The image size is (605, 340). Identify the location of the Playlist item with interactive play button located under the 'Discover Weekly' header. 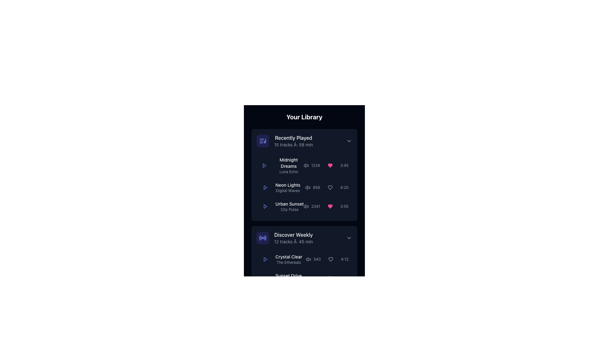
(304, 271).